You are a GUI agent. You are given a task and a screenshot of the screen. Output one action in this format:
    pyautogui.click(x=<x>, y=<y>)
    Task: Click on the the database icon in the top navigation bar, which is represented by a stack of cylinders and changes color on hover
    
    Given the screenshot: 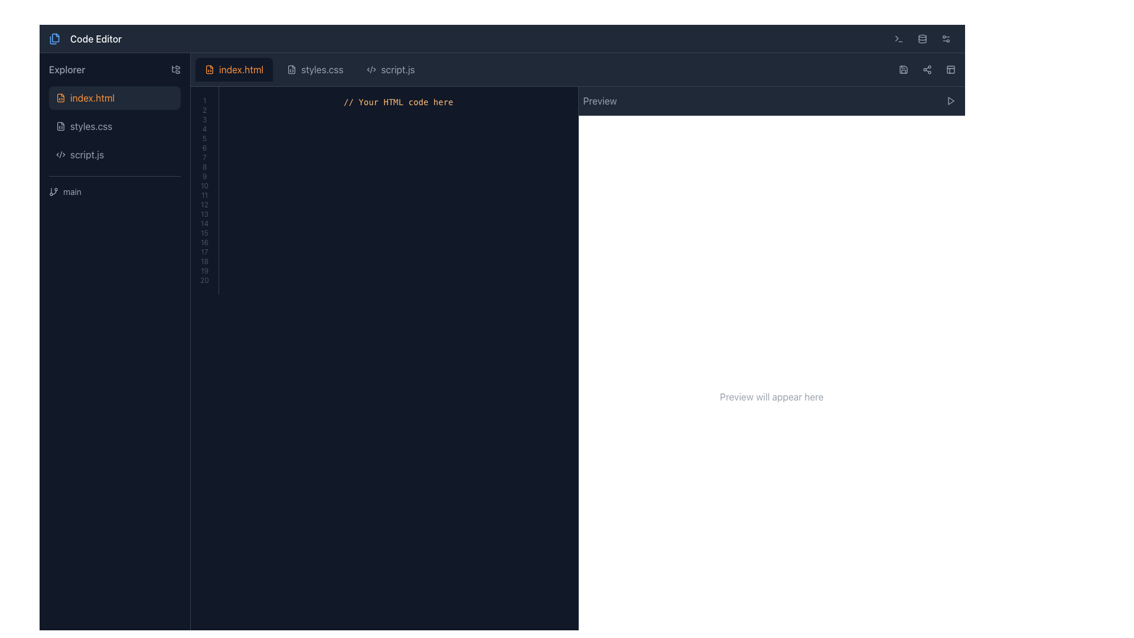 What is the action you would take?
    pyautogui.click(x=921, y=38)
    